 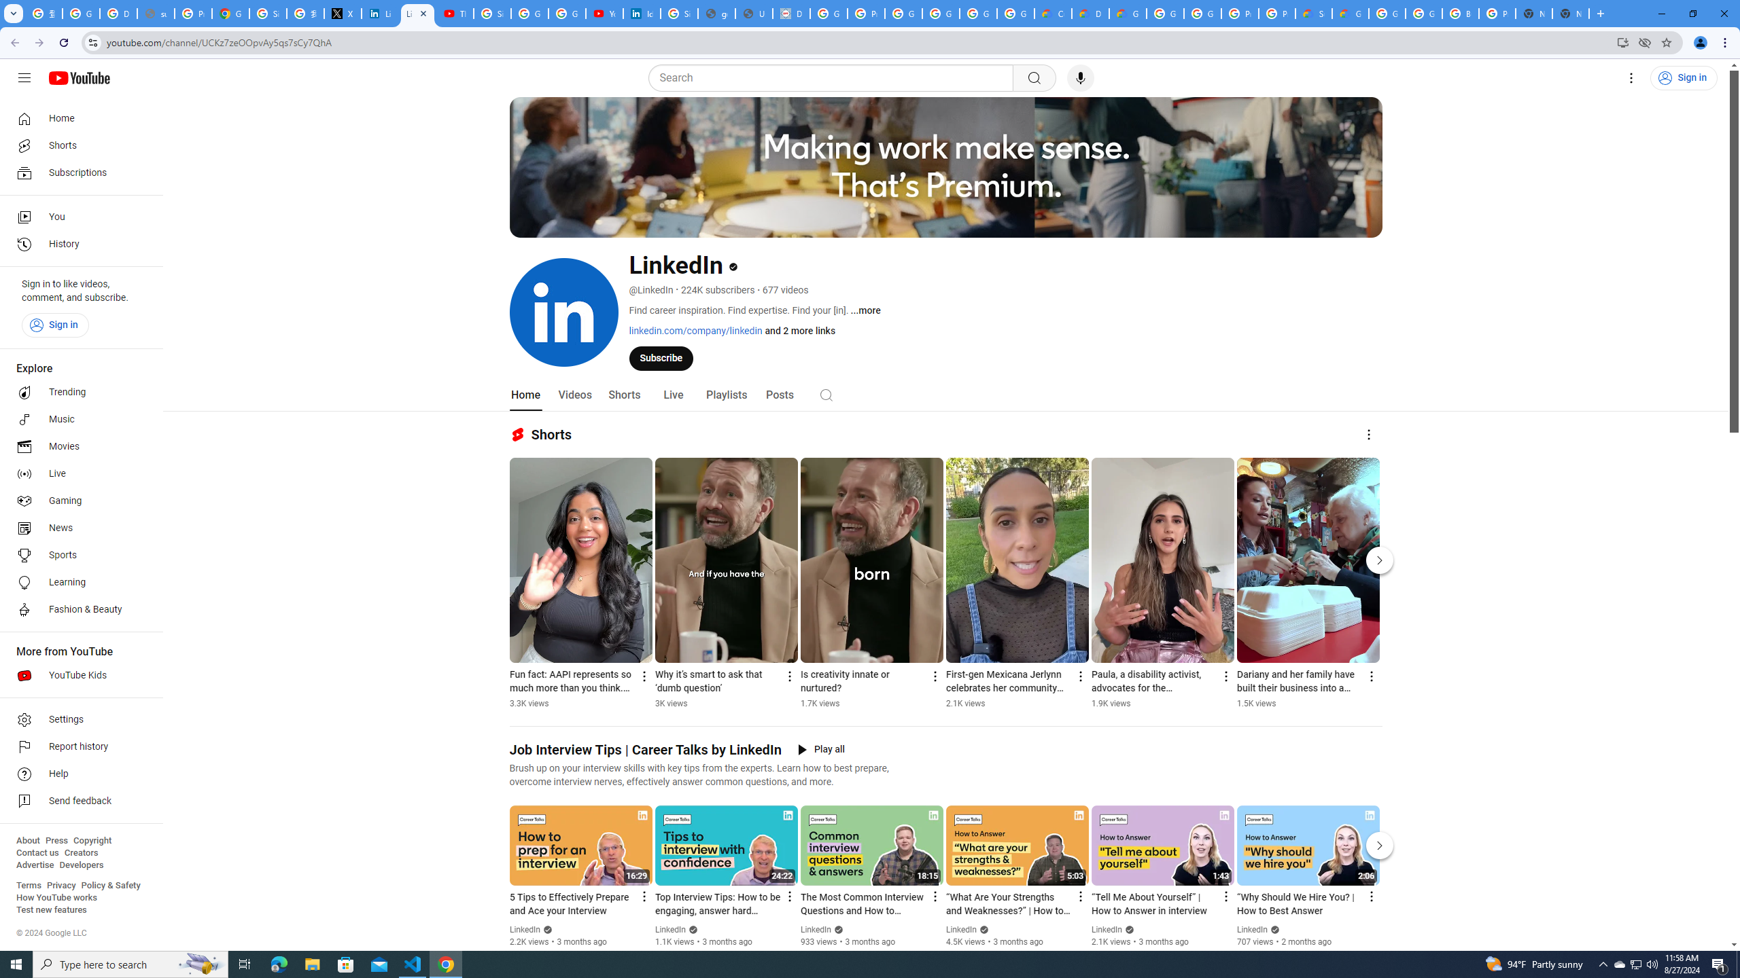 I want to click on 'News', so click(x=77, y=528).